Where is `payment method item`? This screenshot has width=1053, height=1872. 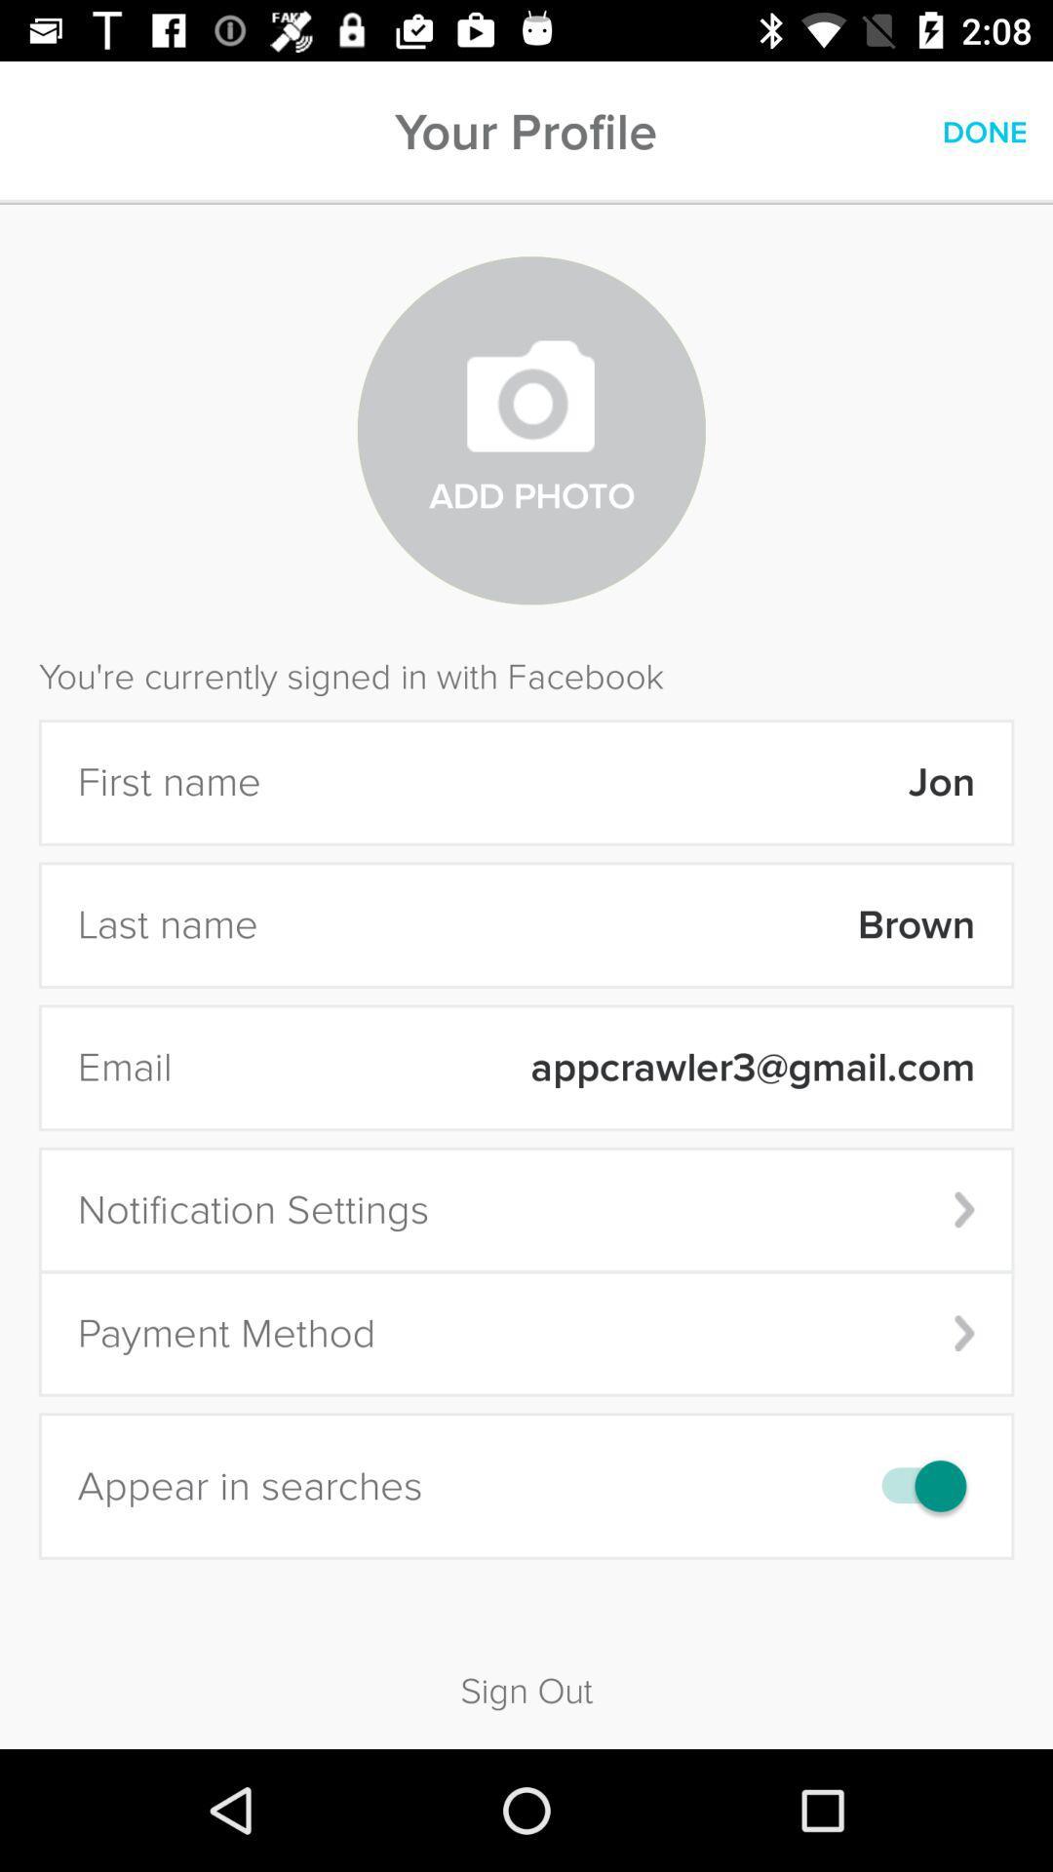 payment method item is located at coordinates (526, 1333).